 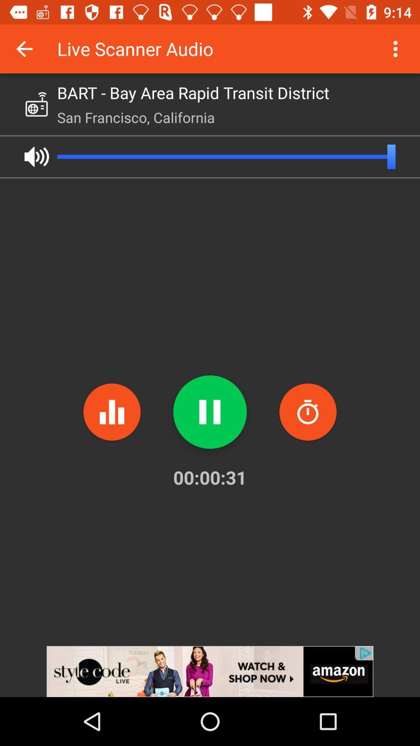 I want to click on clock, so click(x=307, y=411).